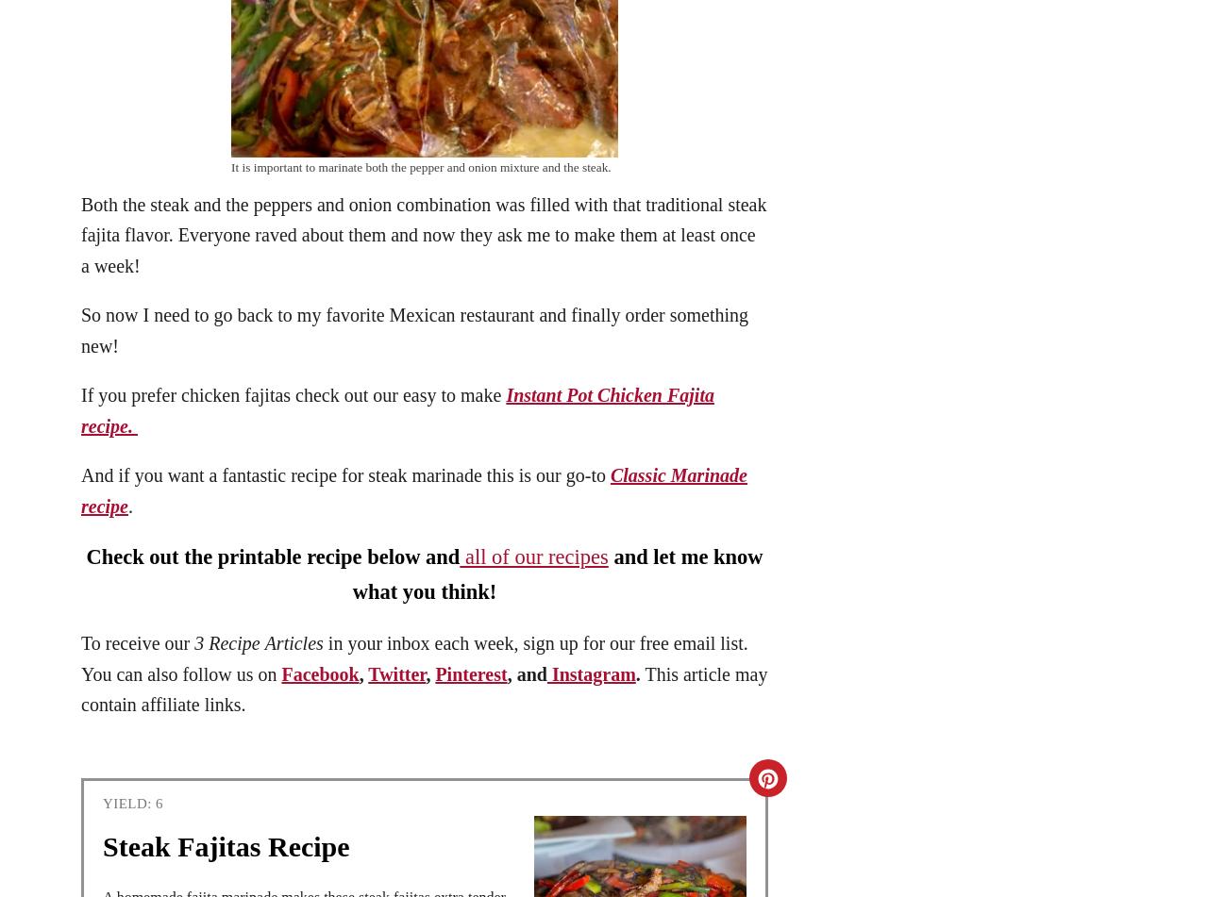 The height and width of the screenshot is (897, 1208). I want to click on 'It is important to marinate both the pepper and onion mixture and the steak.', so click(419, 166).